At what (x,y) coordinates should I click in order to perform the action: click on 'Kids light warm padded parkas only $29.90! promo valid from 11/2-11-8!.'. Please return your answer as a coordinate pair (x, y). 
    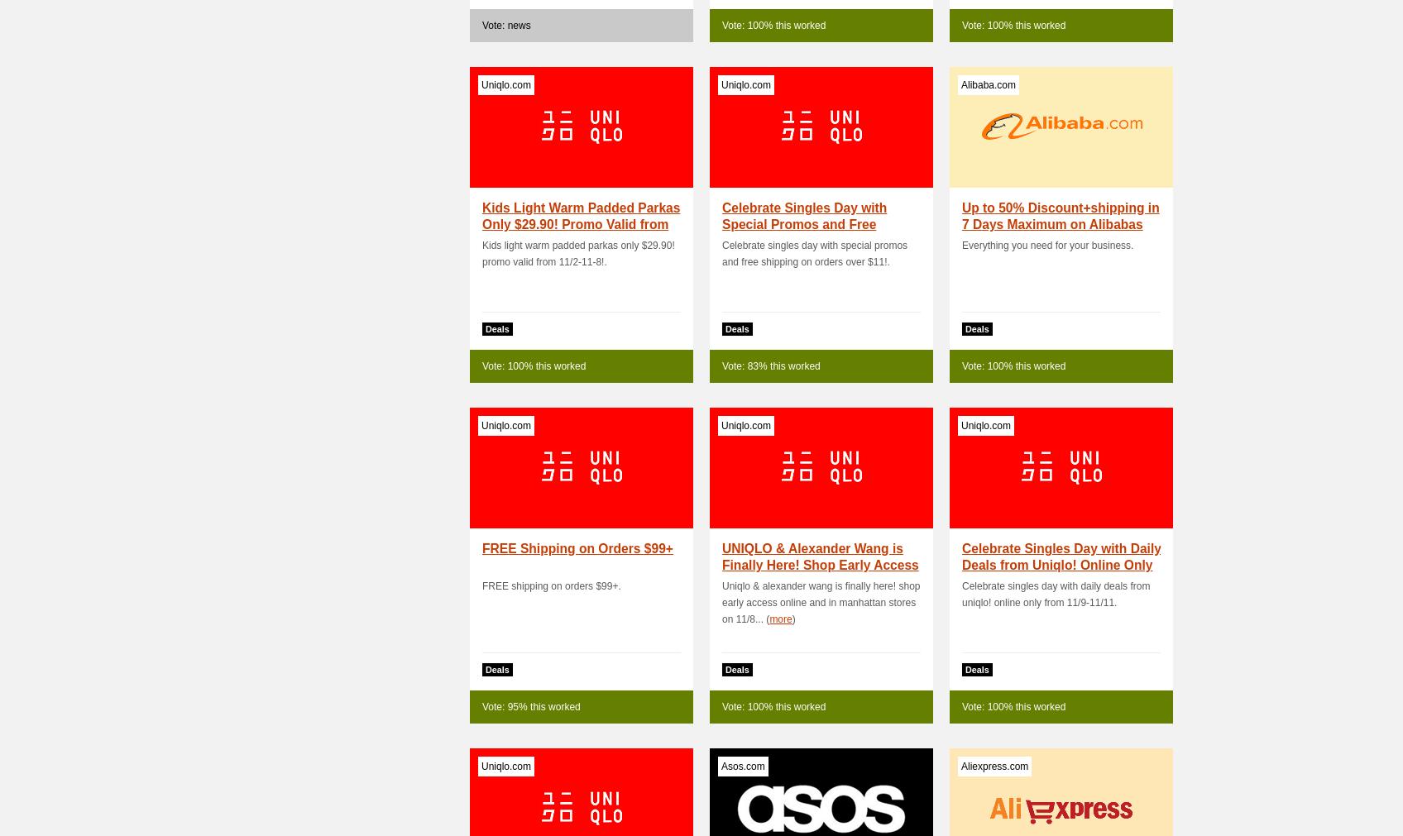
    Looking at the image, I should click on (577, 254).